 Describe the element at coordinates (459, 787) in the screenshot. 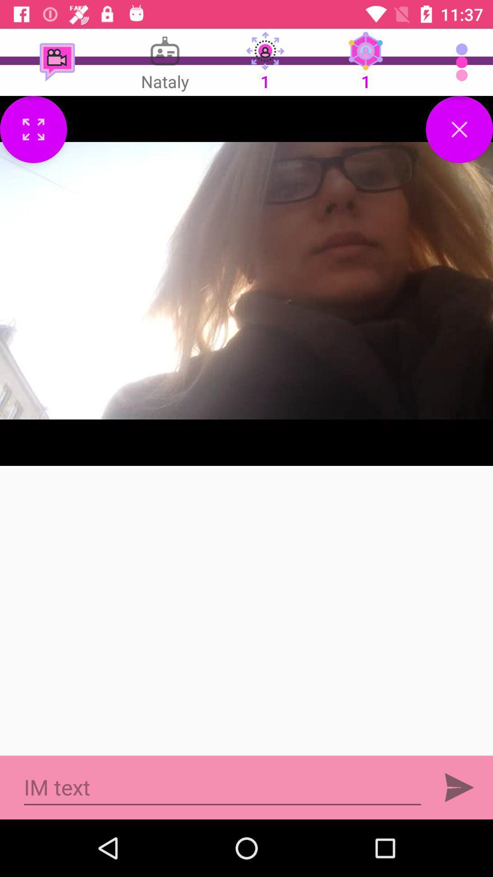

I see `send the message` at that location.